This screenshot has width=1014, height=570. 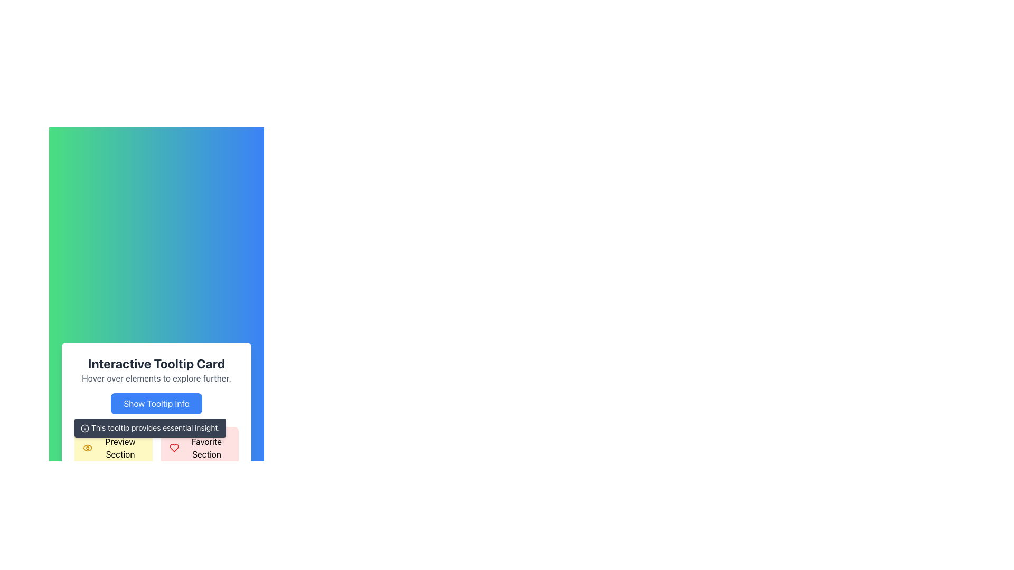 What do you see at coordinates (156, 378) in the screenshot?
I see `the static text that reads 'Hover over elements` at bounding box center [156, 378].